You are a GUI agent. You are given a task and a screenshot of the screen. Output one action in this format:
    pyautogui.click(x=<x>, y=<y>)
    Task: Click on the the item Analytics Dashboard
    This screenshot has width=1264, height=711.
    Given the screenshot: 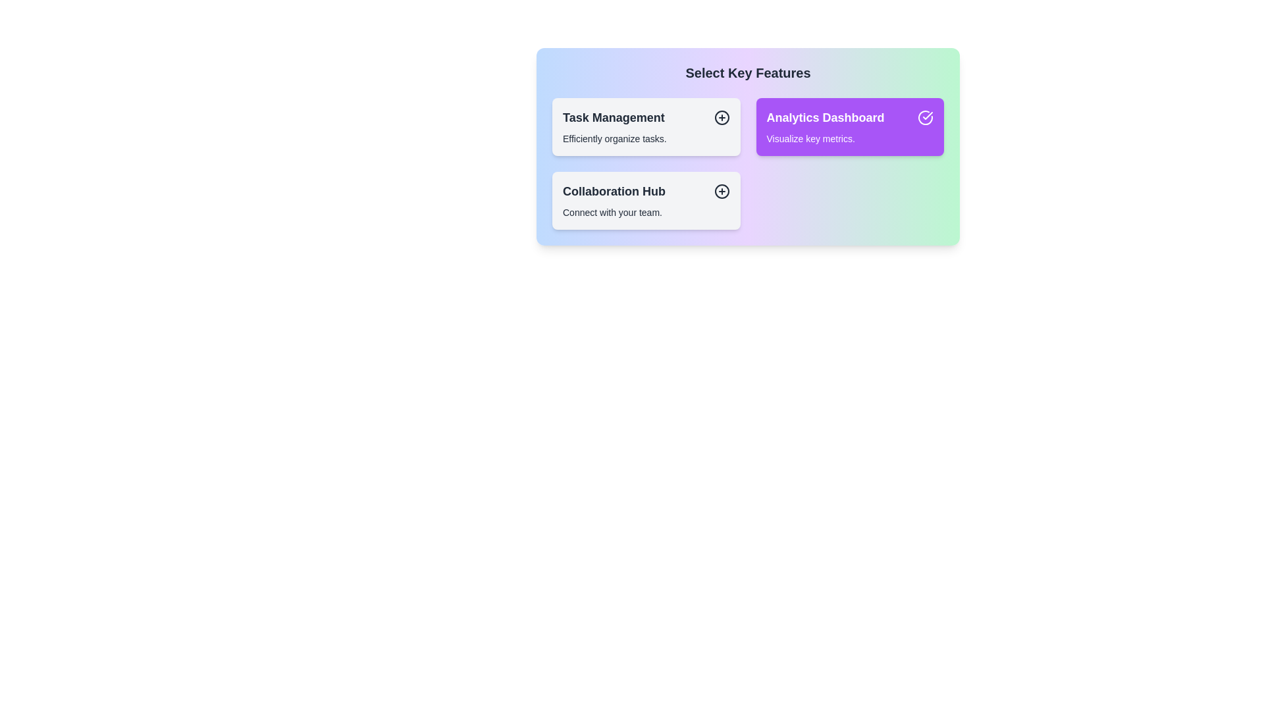 What is the action you would take?
    pyautogui.click(x=850, y=126)
    